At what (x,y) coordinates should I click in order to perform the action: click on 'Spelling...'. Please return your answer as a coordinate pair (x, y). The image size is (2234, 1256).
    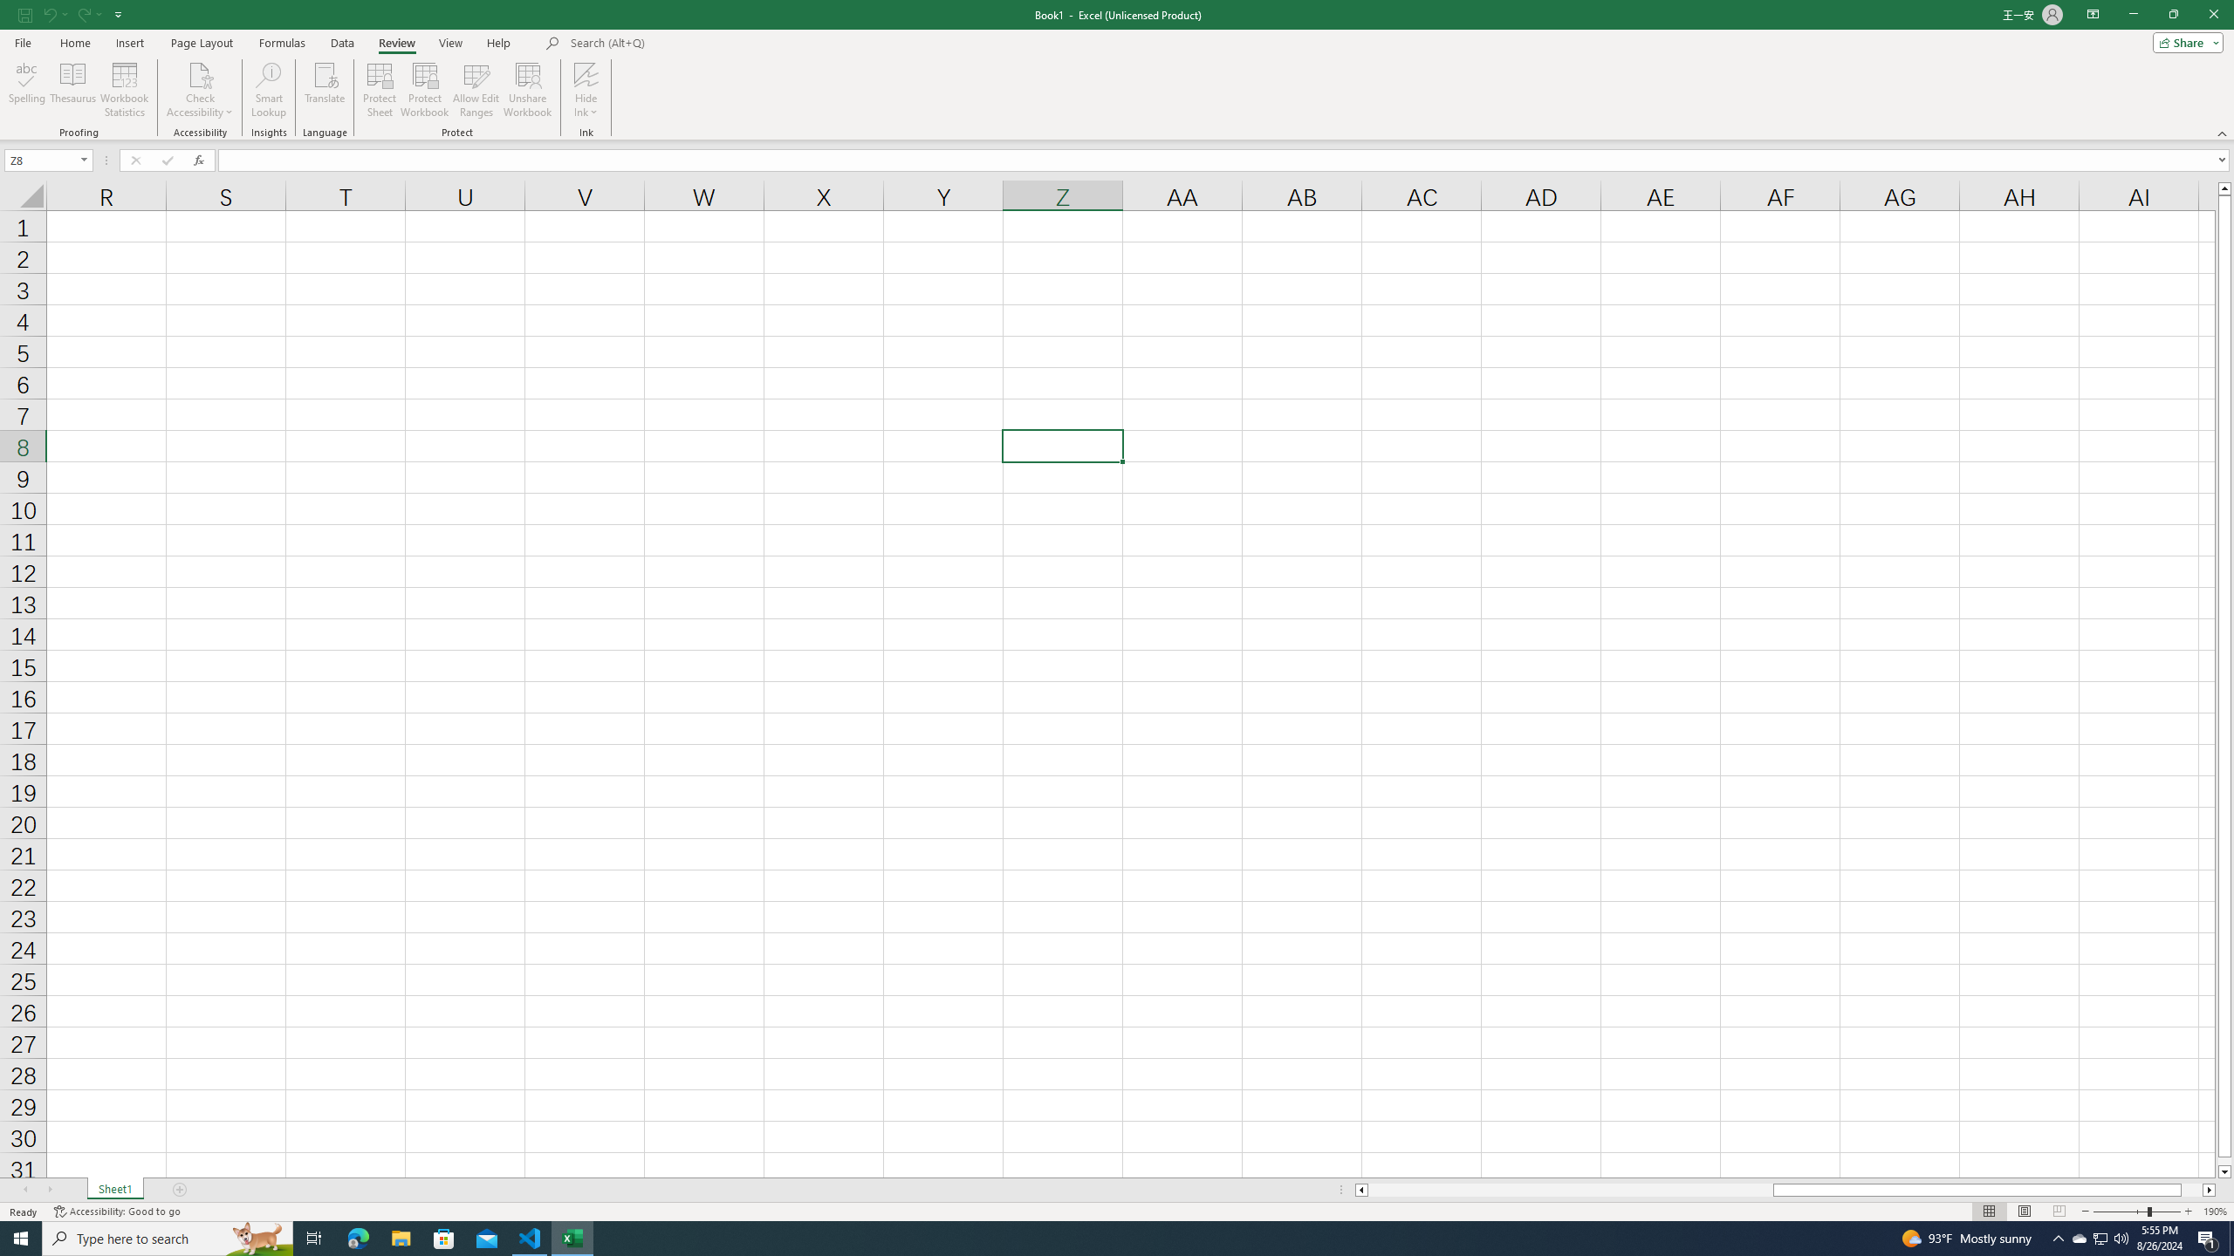
    Looking at the image, I should click on (25, 90).